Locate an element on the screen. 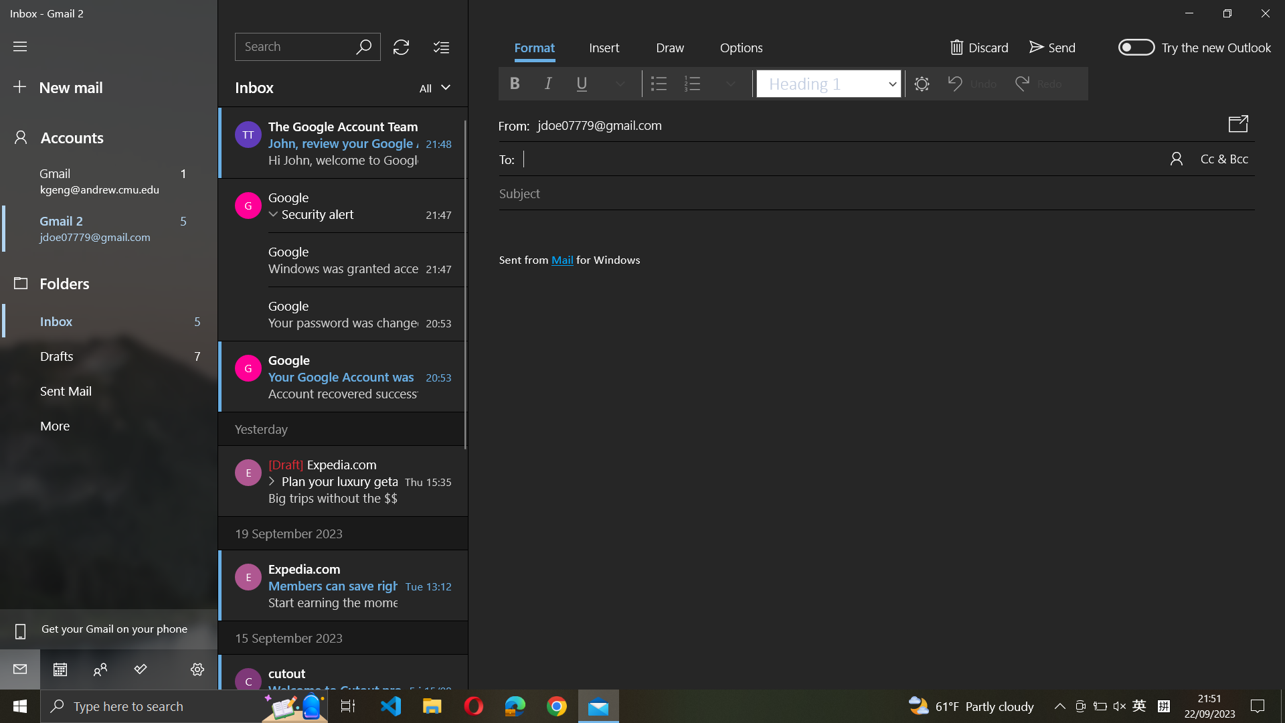  the font style to bold is located at coordinates (513, 82).